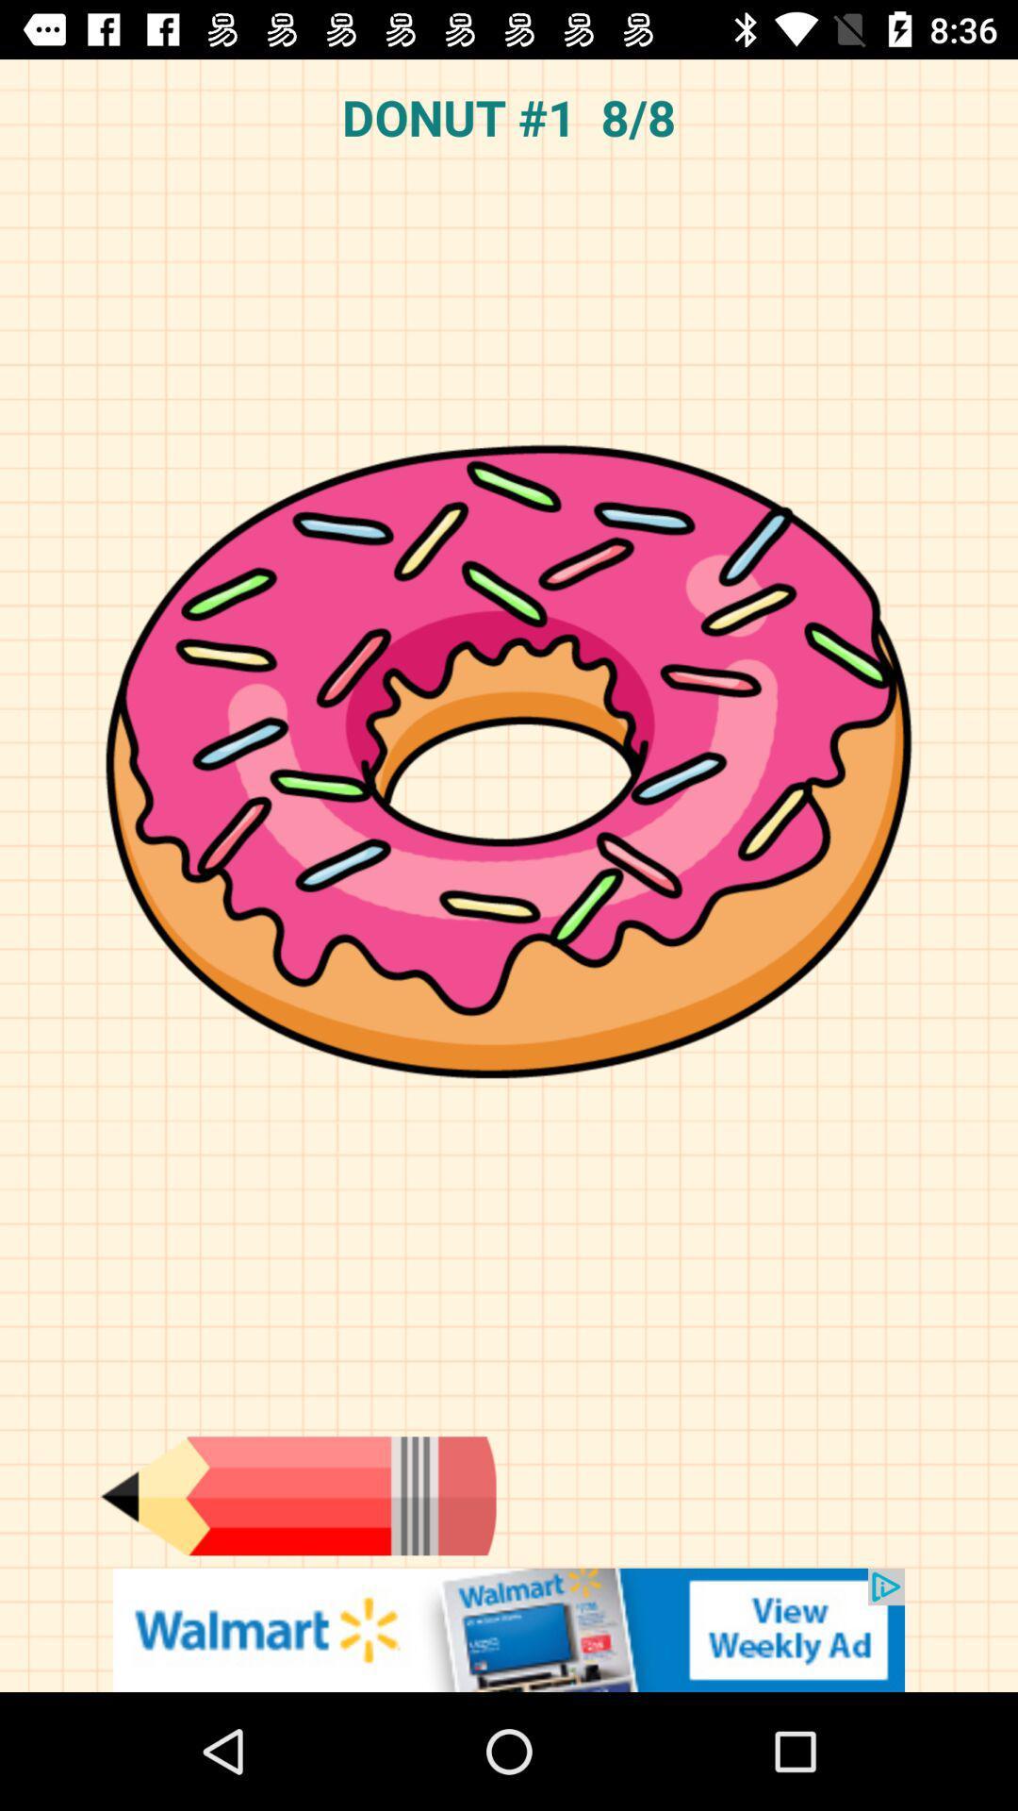 The image size is (1018, 1811). What do you see at coordinates (509, 1629) in the screenshot?
I see `showing advertisements` at bounding box center [509, 1629].